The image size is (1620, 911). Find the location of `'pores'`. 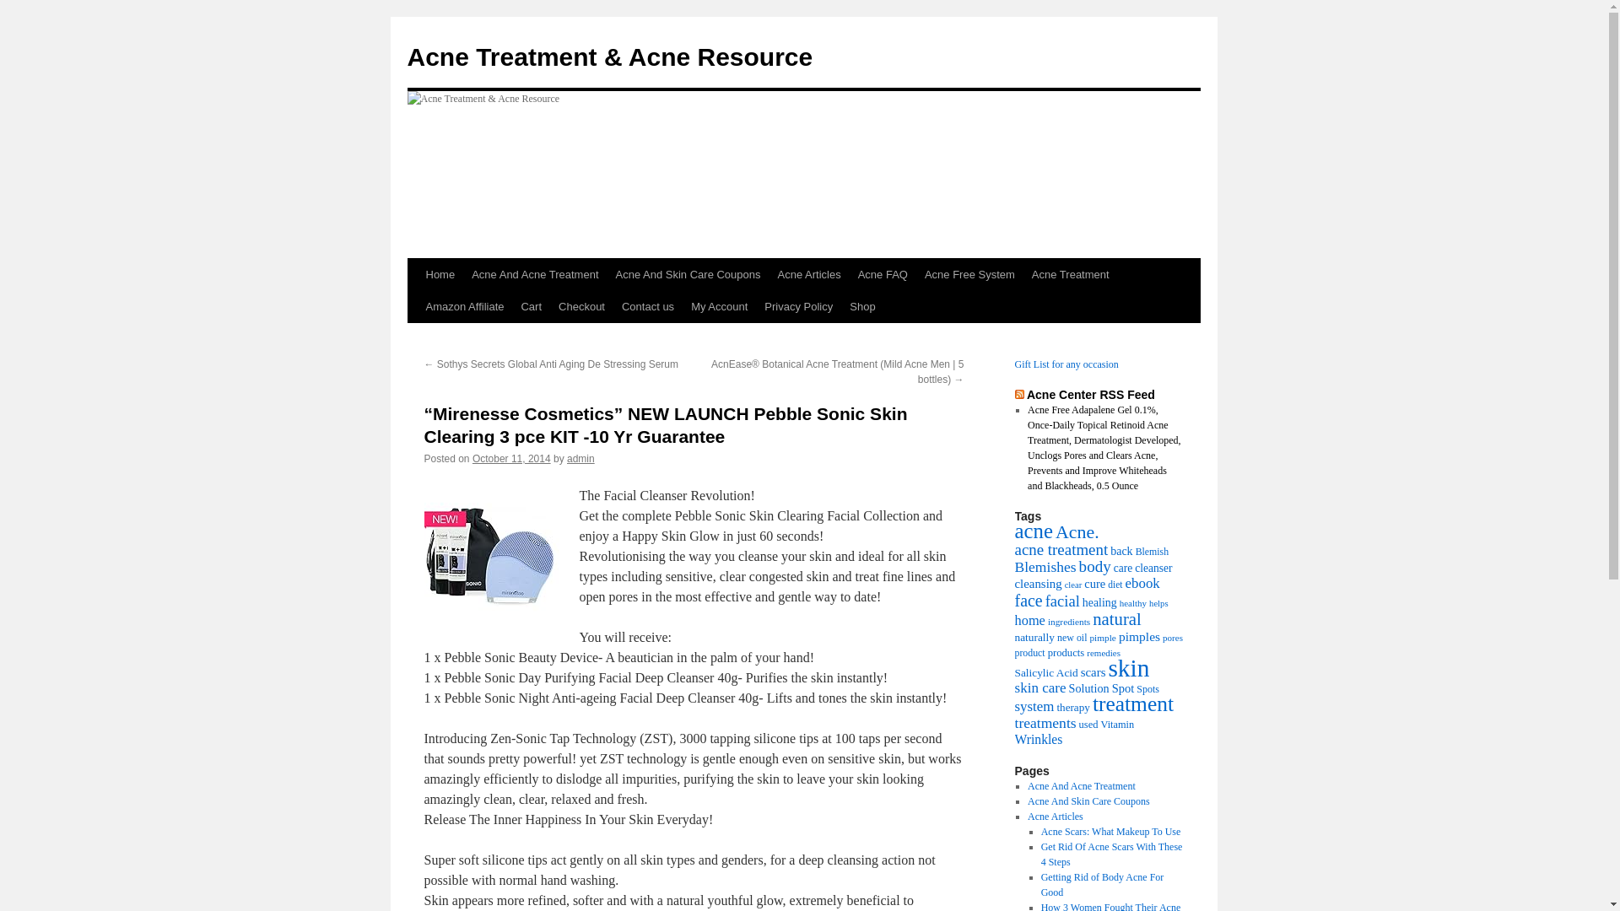

'pores' is located at coordinates (1172, 638).